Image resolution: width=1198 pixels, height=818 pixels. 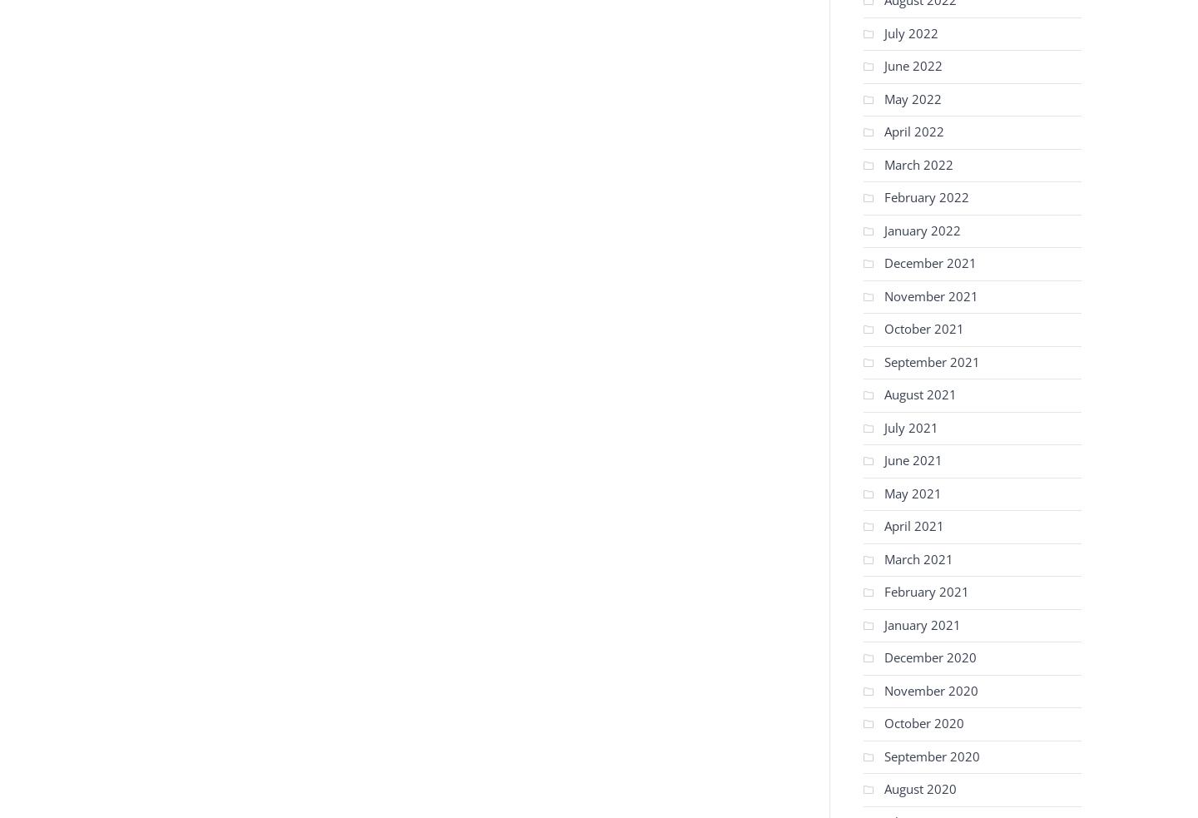 I want to click on 'September 2020', so click(x=931, y=755).